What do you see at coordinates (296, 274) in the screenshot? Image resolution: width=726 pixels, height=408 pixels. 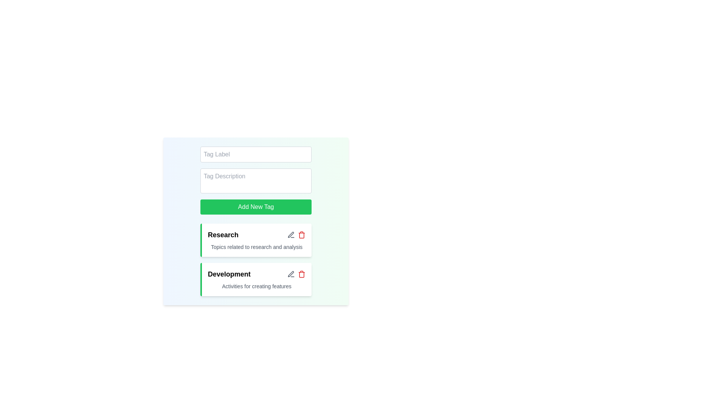 I see `the trashcan icon in the horizontal button group located at the top-right corner of the 'Development' card` at bounding box center [296, 274].